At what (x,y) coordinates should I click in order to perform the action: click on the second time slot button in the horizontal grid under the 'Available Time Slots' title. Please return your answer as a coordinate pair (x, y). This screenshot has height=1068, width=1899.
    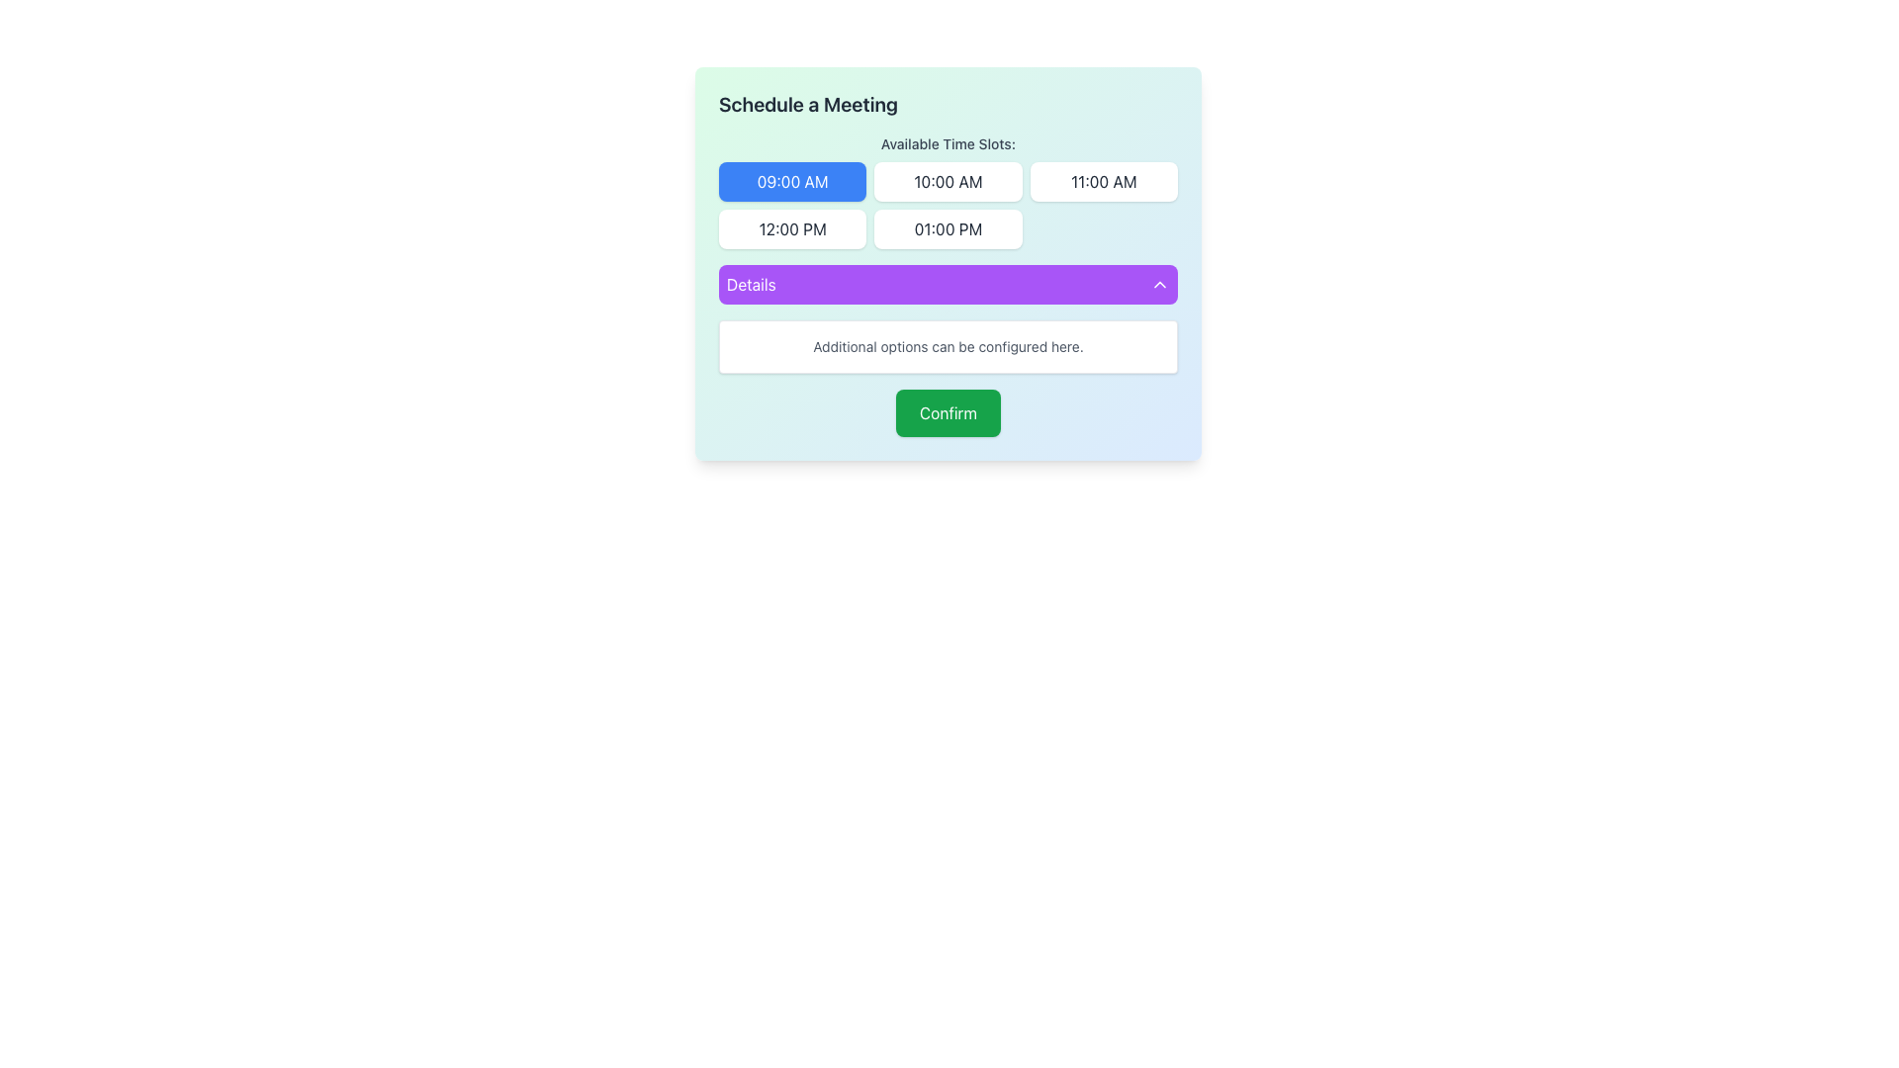
    Looking at the image, I should click on (948, 182).